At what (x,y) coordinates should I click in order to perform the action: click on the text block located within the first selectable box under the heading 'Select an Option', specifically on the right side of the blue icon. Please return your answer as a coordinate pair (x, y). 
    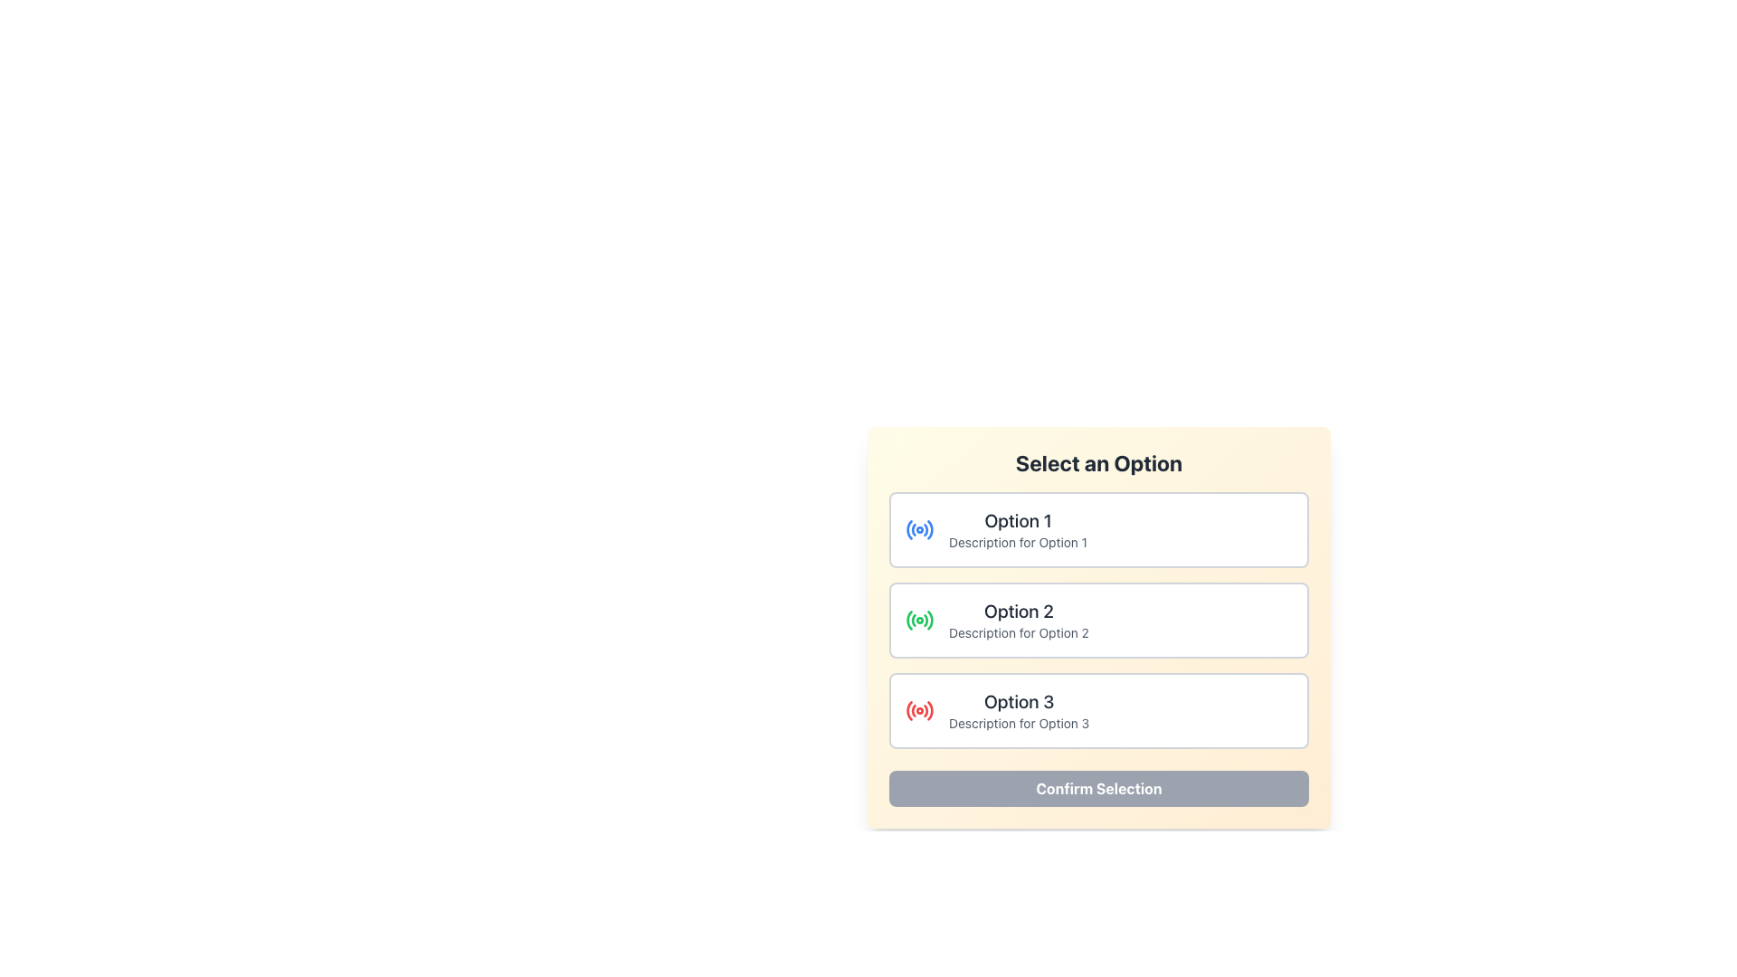
    Looking at the image, I should click on (1018, 529).